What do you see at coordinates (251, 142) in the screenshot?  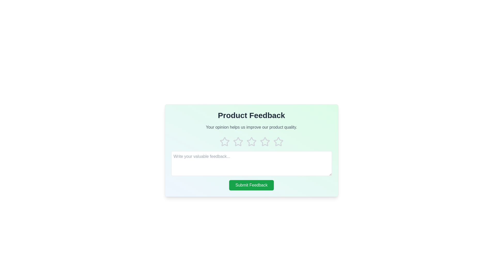 I see `the third star icon in the Rating star component` at bounding box center [251, 142].